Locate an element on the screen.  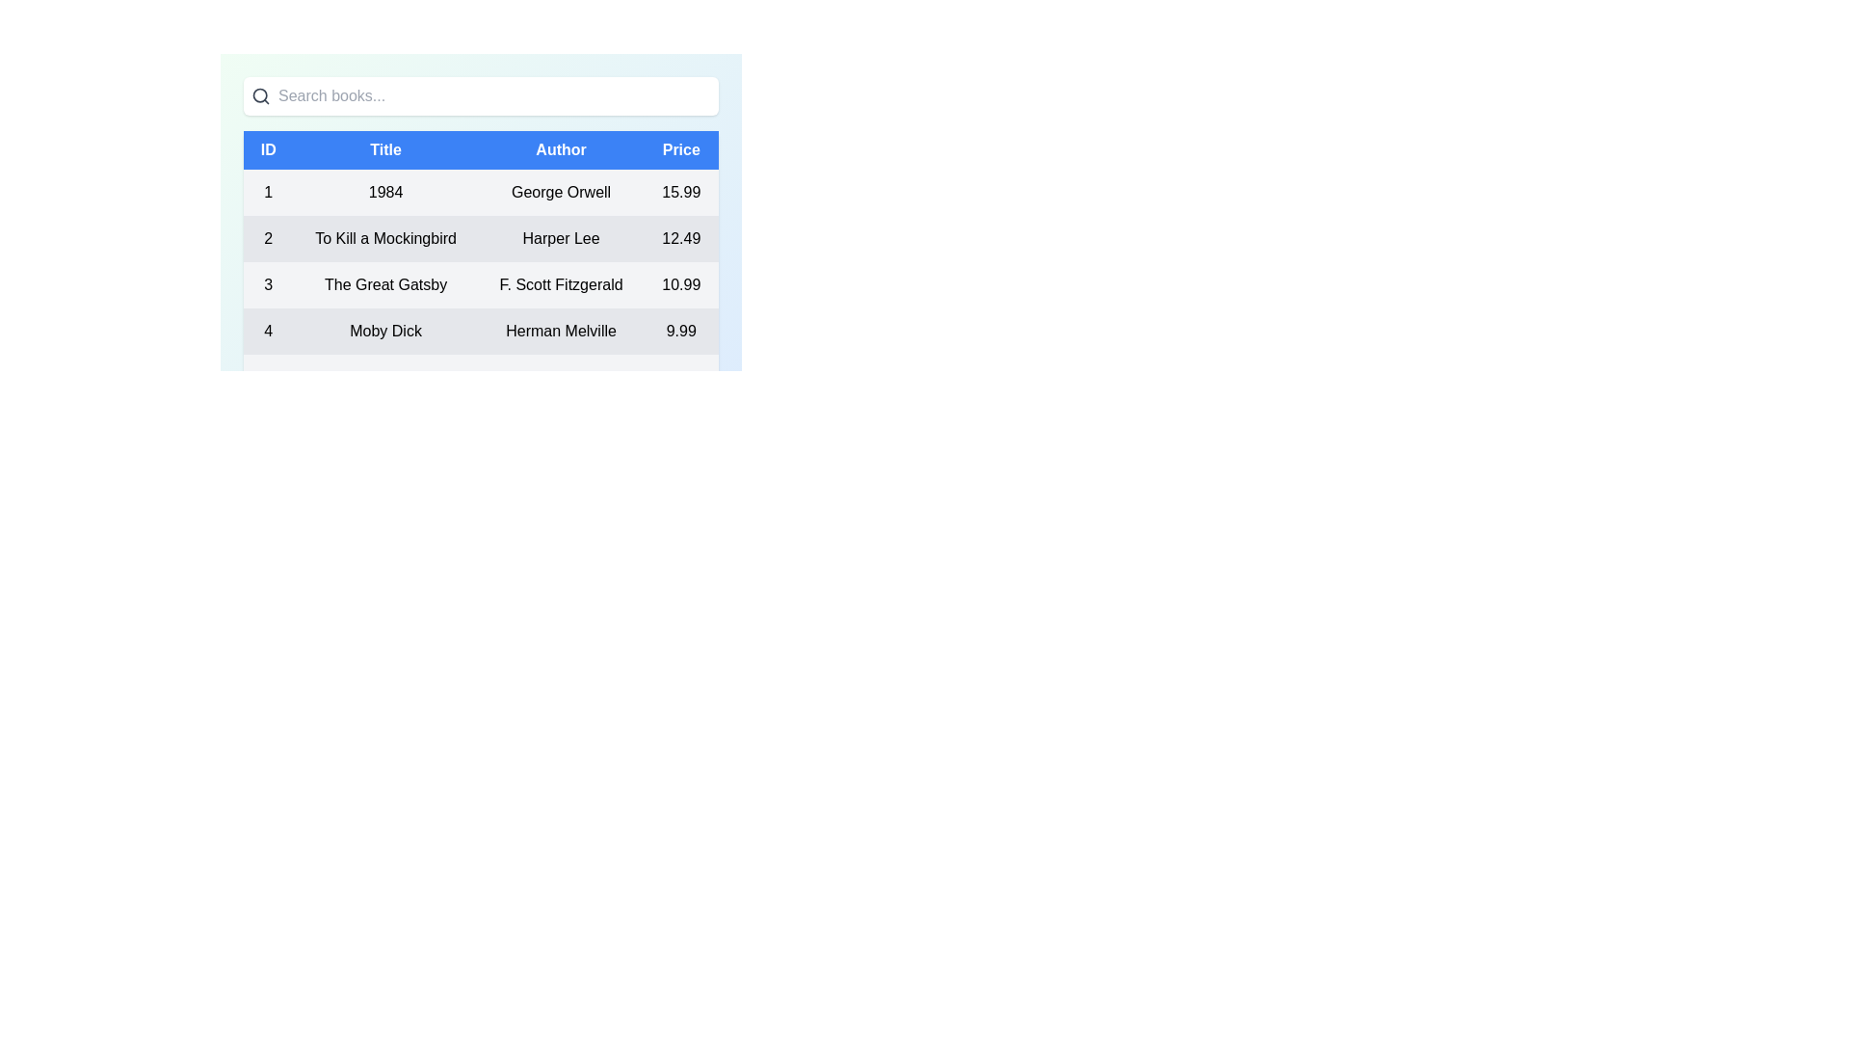
the numeric value '12.49' displayed in the last cell of the second row under the 'Price' column for the 'To Kill a Mockingbird' book entry is located at coordinates (681, 237).